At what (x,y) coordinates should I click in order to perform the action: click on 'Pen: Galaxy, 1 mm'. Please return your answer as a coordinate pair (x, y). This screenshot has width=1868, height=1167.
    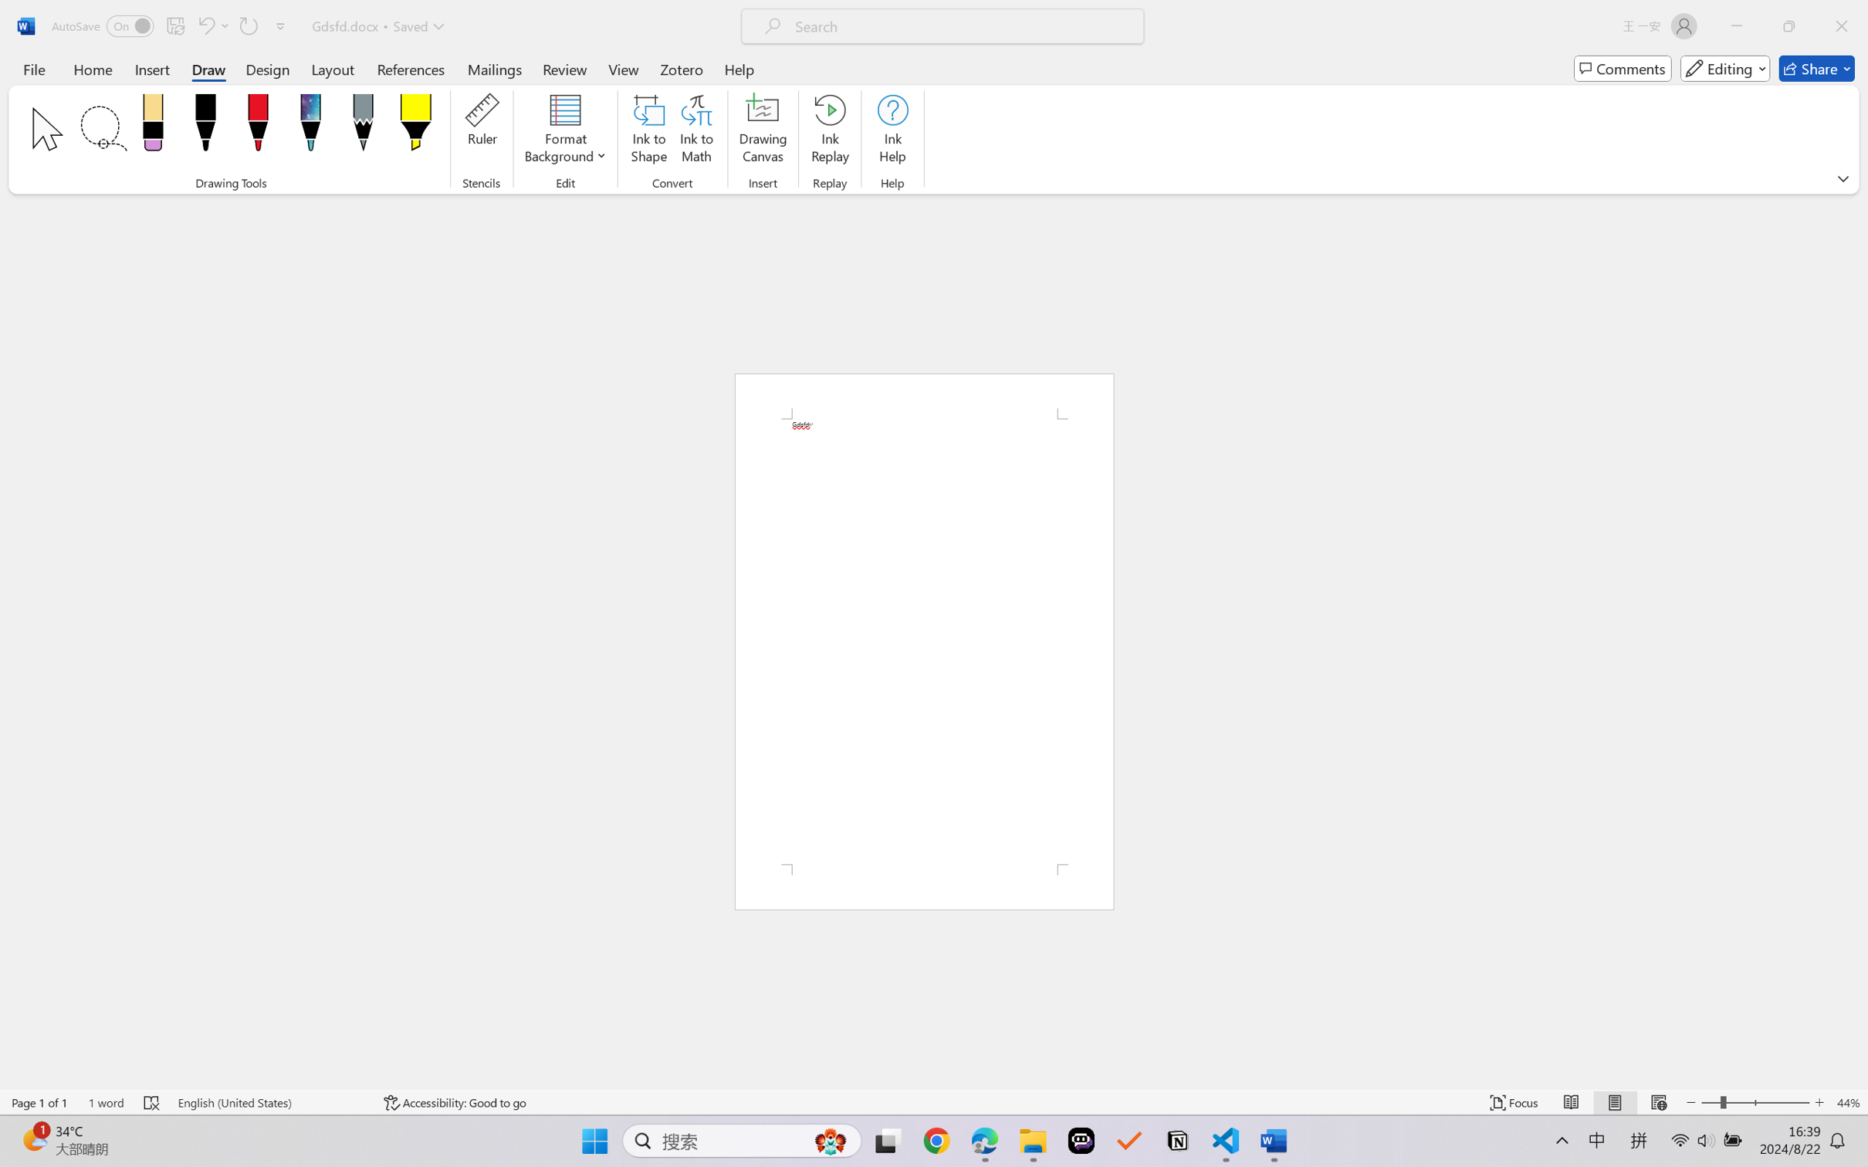
    Looking at the image, I should click on (309, 126).